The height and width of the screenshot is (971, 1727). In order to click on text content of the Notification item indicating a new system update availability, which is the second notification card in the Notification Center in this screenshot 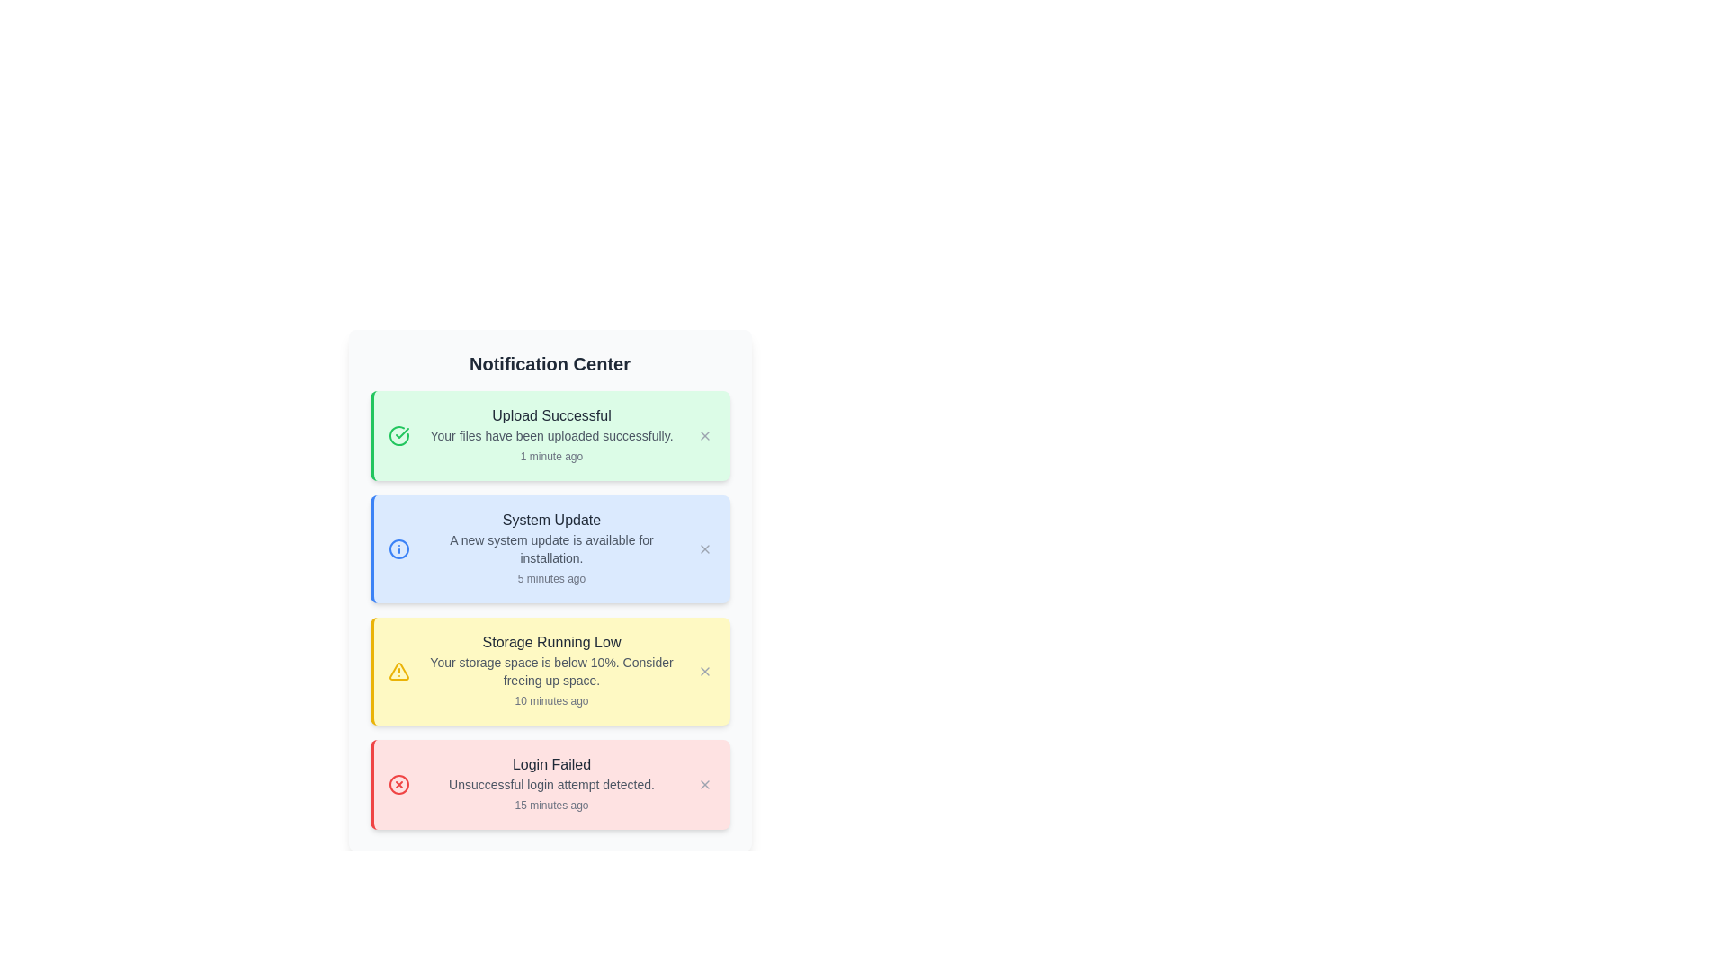, I will do `click(550, 548)`.